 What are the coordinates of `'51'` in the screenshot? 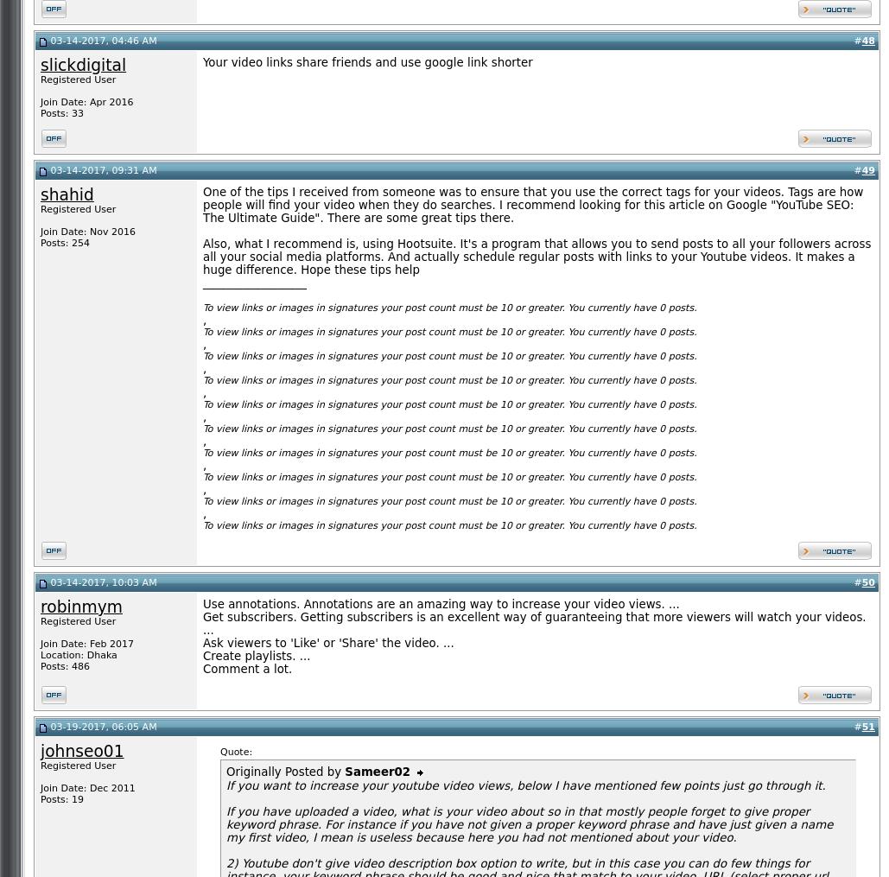 It's located at (860, 727).